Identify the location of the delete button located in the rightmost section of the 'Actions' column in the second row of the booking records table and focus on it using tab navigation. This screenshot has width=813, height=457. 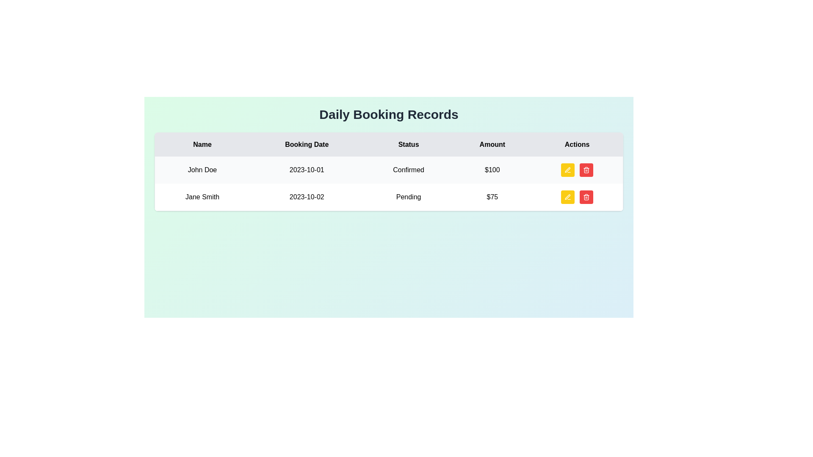
(586, 197).